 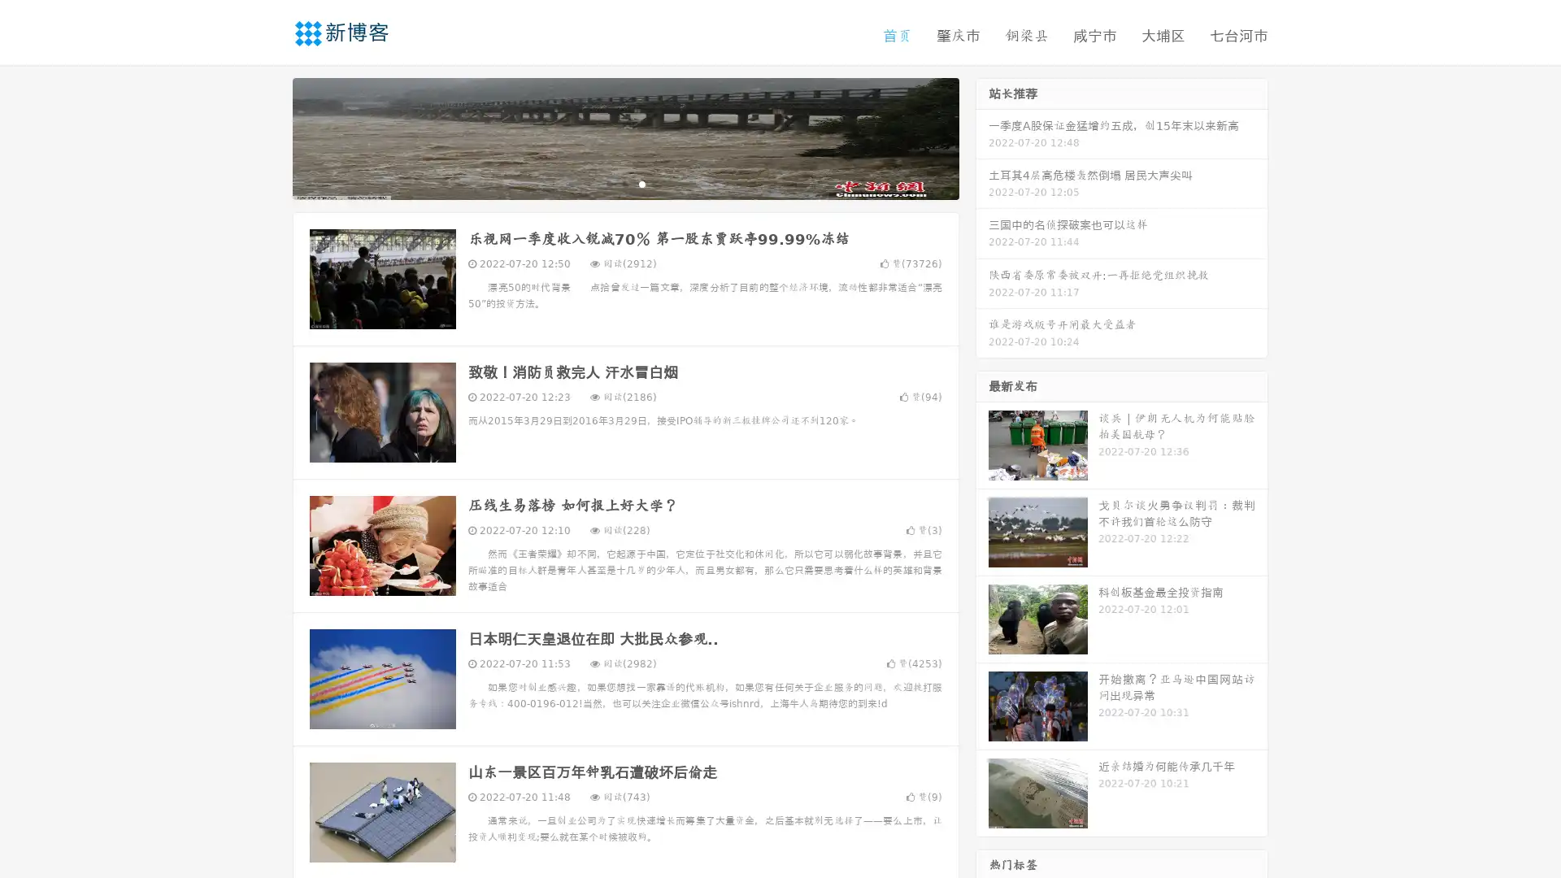 I want to click on Go to slide 2, so click(x=624, y=183).